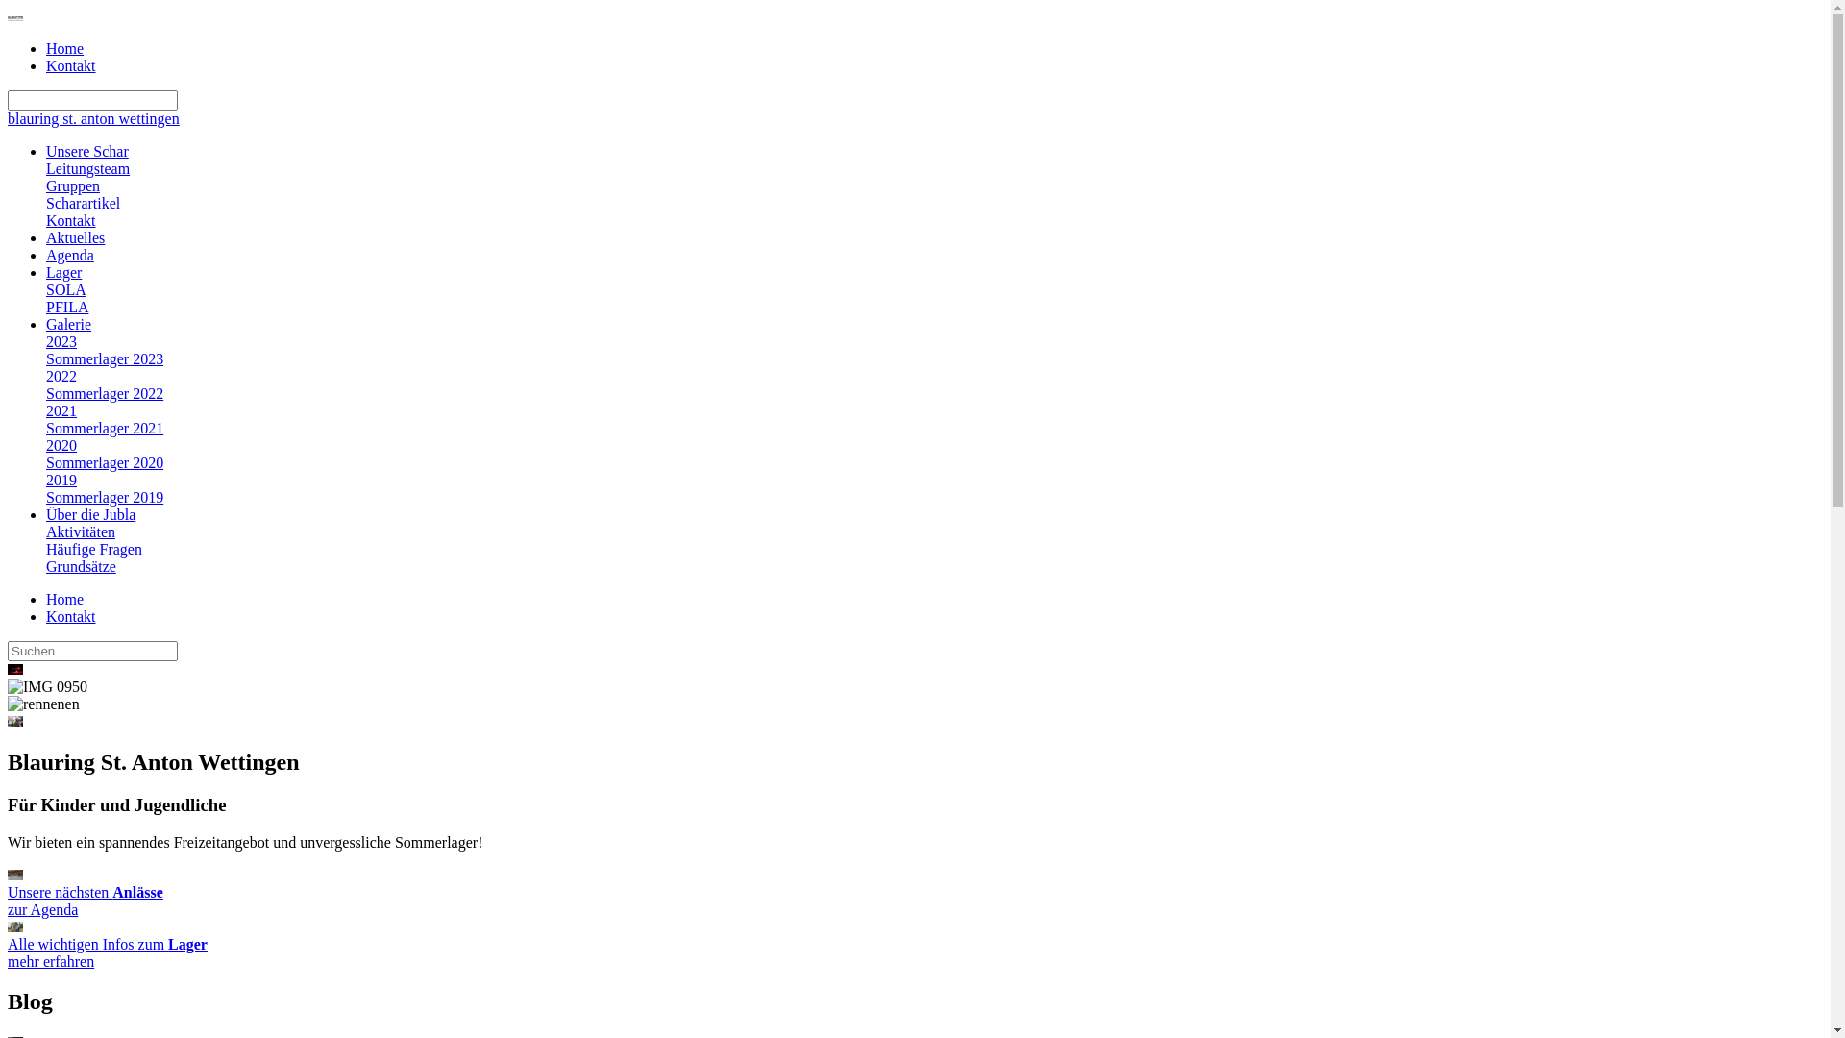 Image resolution: width=1845 pixels, height=1038 pixels. What do you see at coordinates (82, 203) in the screenshot?
I see `'Scharartikel'` at bounding box center [82, 203].